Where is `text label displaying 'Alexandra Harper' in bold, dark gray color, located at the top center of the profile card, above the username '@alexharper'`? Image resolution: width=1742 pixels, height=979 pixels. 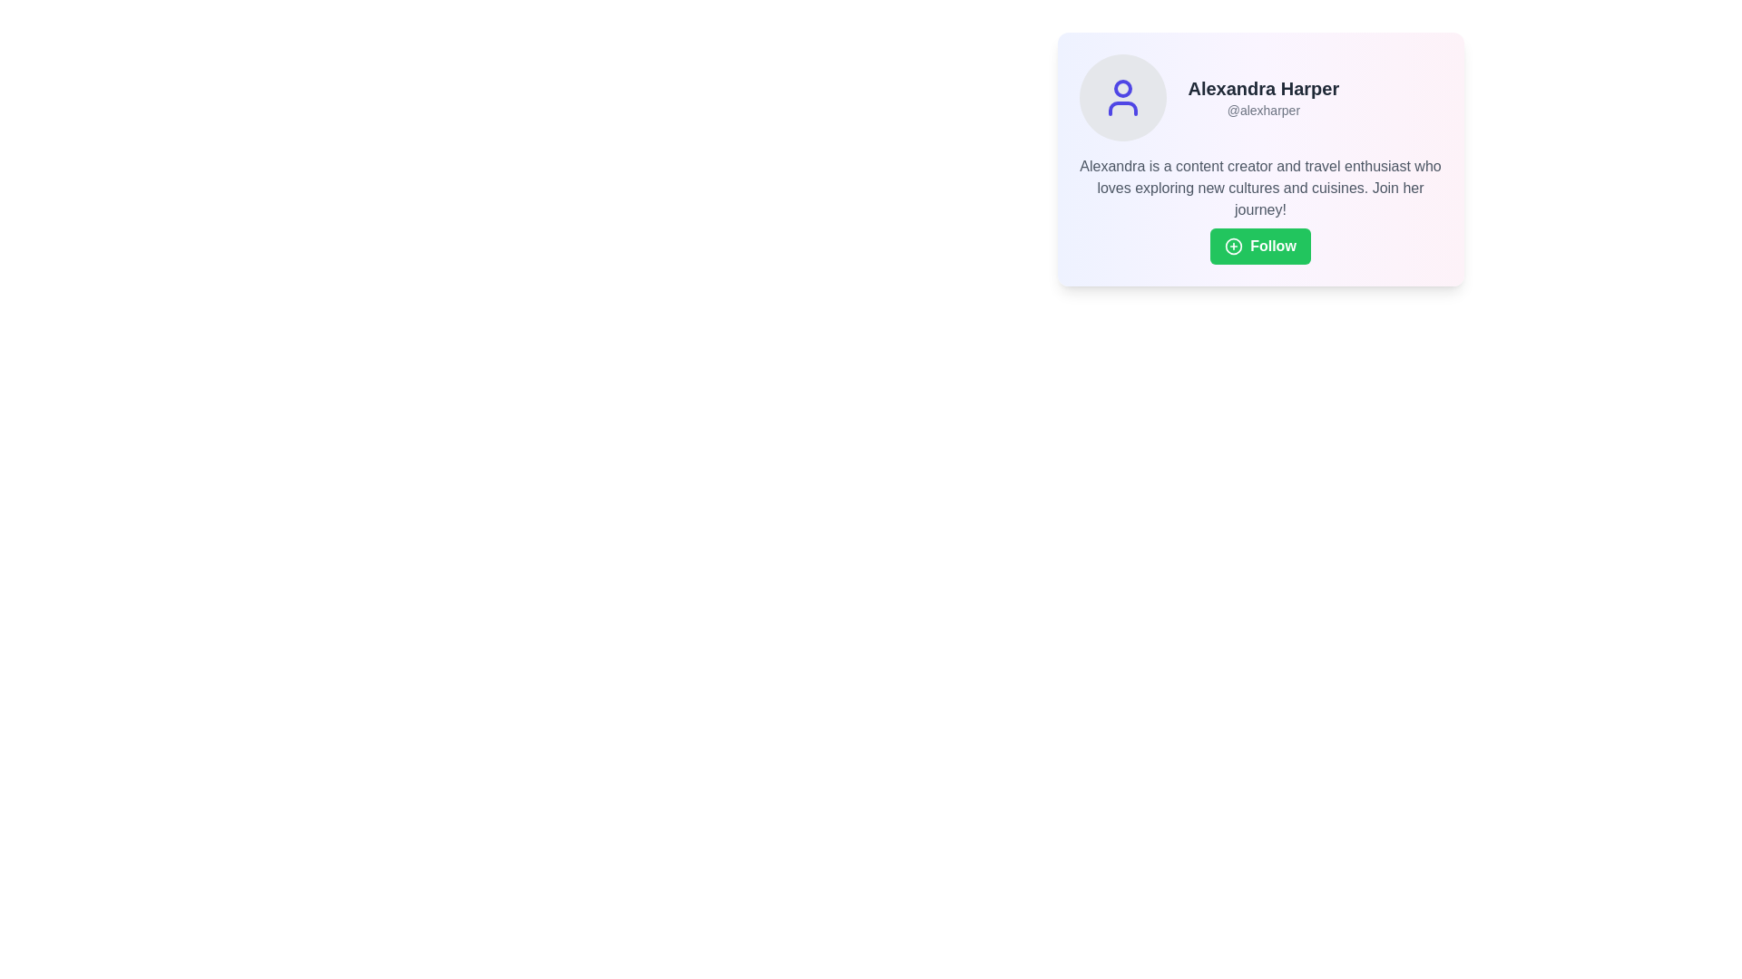 text label displaying 'Alexandra Harper' in bold, dark gray color, located at the top center of the profile card, above the username '@alexharper' is located at coordinates (1262, 88).